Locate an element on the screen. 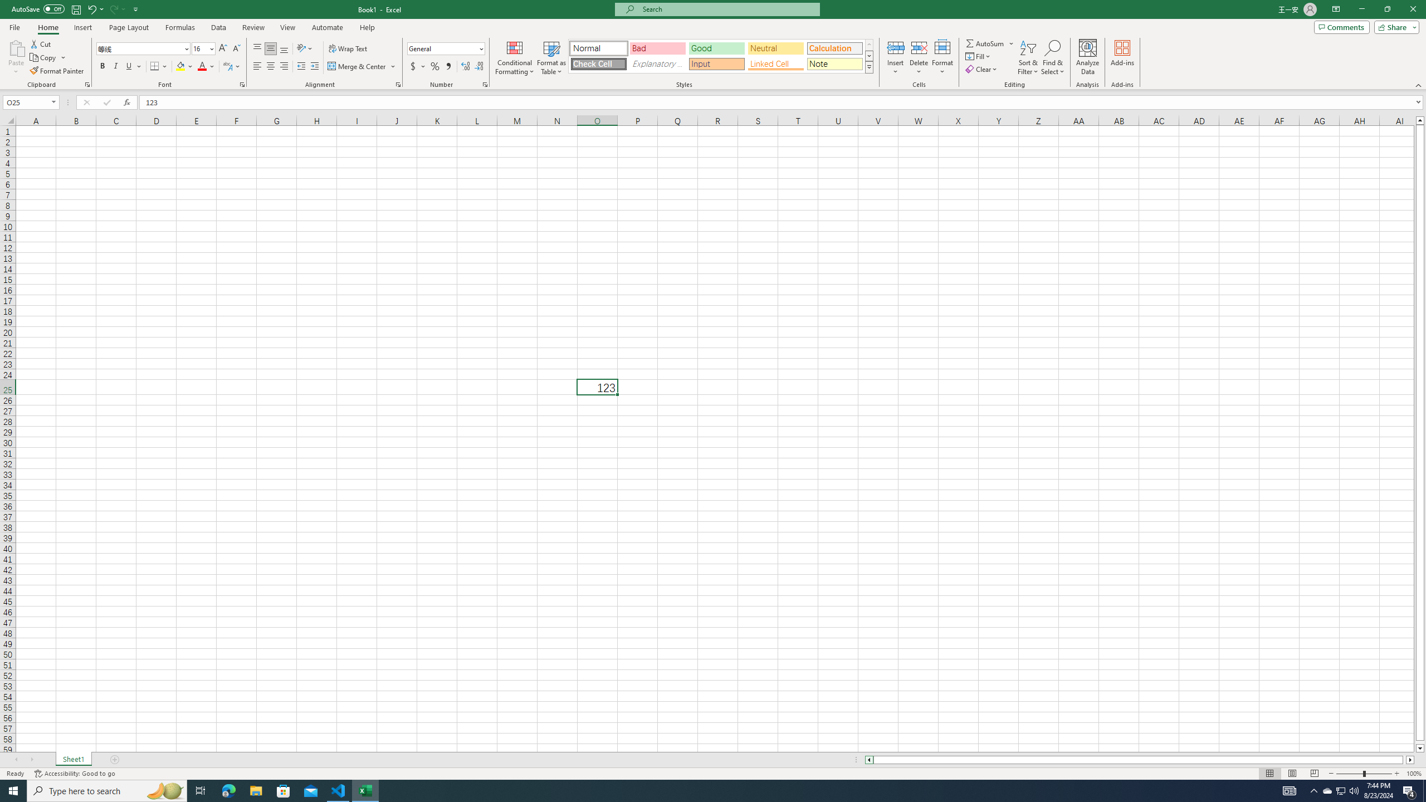  'Underline' is located at coordinates (129, 66).